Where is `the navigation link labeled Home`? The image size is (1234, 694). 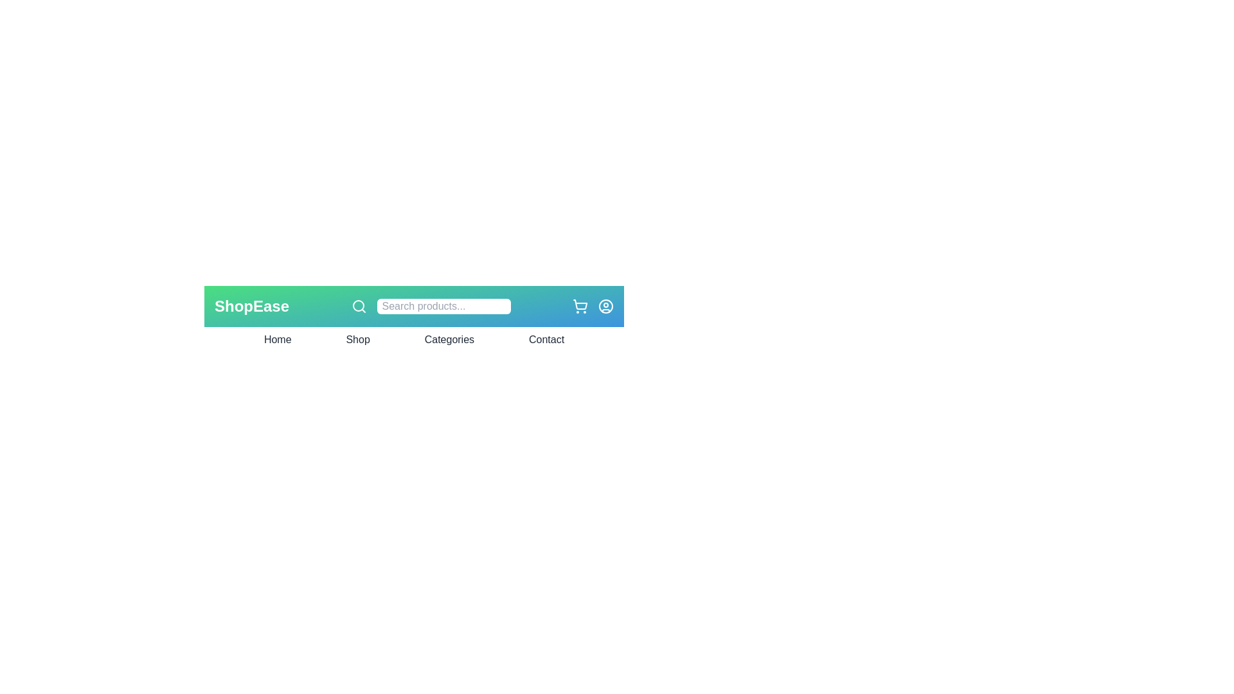 the navigation link labeled Home is located at coordinates (277, 339).